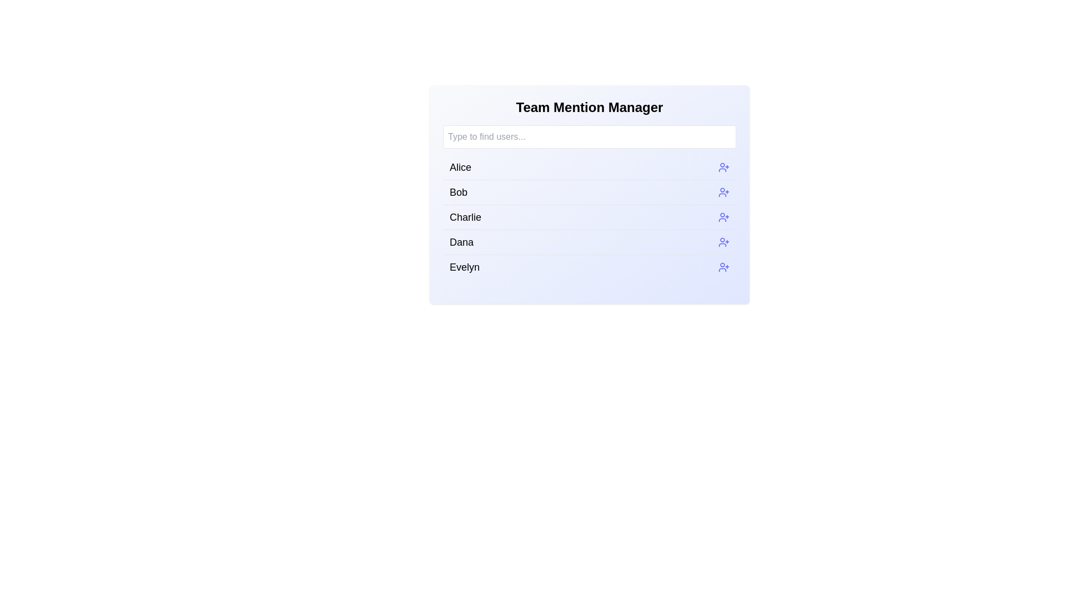  What do you see at coordinates (724, 167) in the screenshot?
I see `the indigo user icon with a '+' symbol next to it in the 'Alice' row` at bounding box center [724, 167].